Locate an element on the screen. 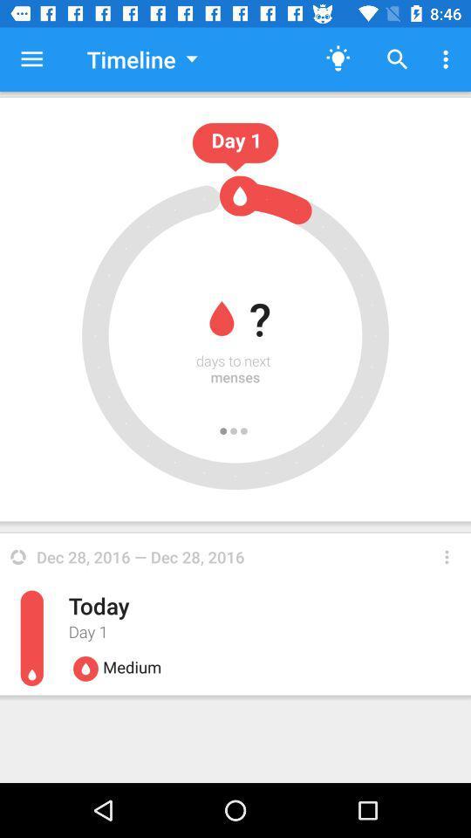  show options is located at coordinates (447, 556).